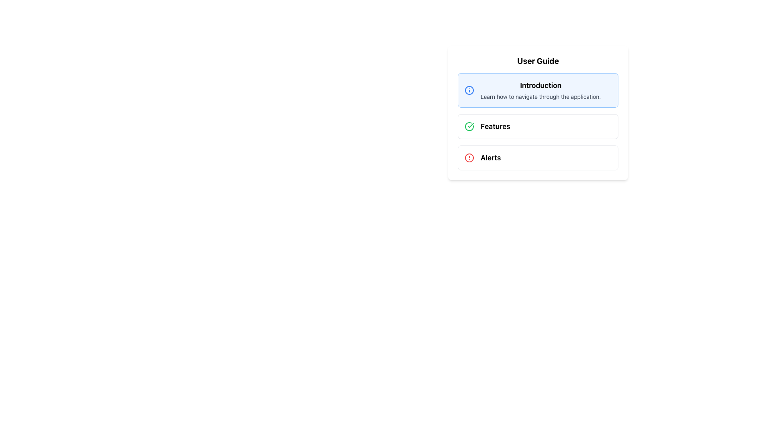  I want to click on the completion icon located to the left of the 'Features' text, which signifies confirmation or an active state for the 'Features' entry, so click(469, 127).